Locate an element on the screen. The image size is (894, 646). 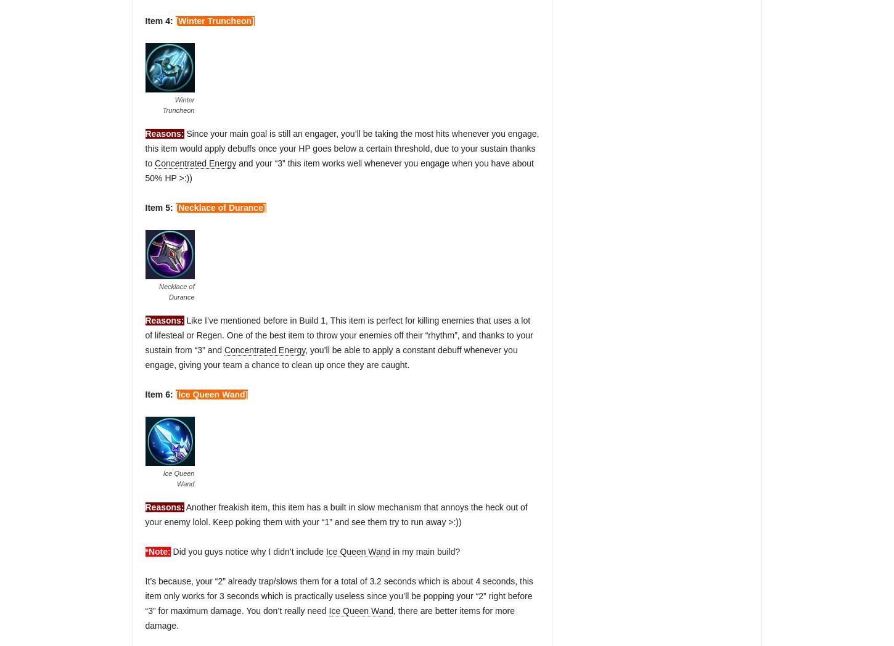
'Another freakish item, this item has a built in slow mechanism that annoys the heck out of your enemy lolol. Keep poking them with your “1” and see them try to run away >:))' is located at coordinates (336, 515).